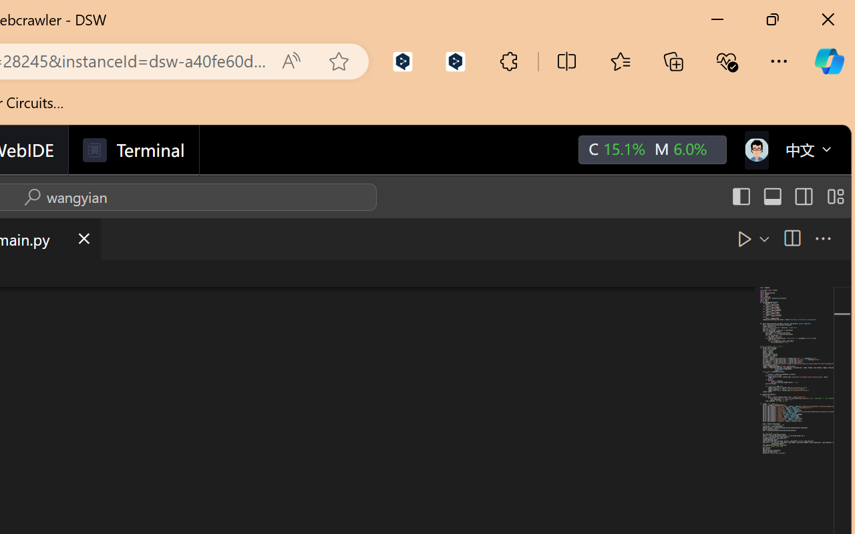  What do you see at coordinates (133, 150) in the screenshot?
I see `'Terminal'` at bounding box center [133, 150].